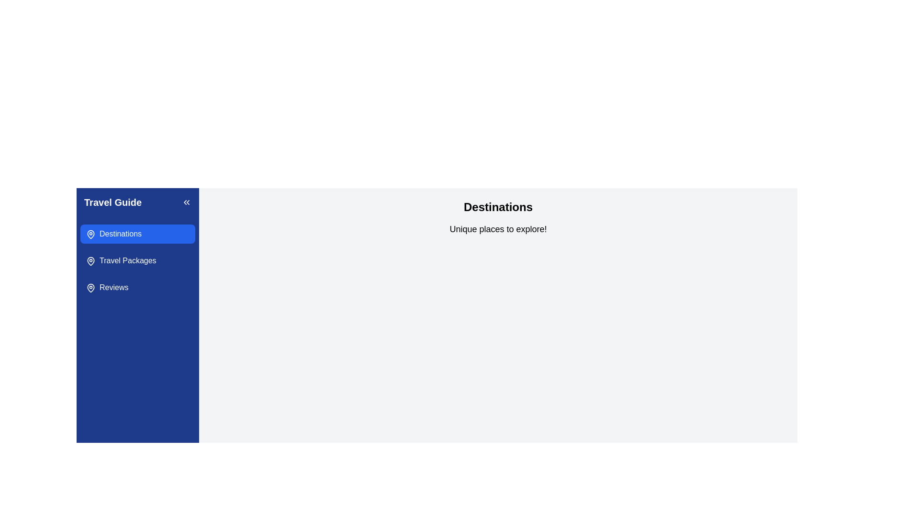 The image size is (919, 517). I want to click on the pin-shaped icon located in the 'Travel Packages' section of the left sidebar, so click(91, 260).